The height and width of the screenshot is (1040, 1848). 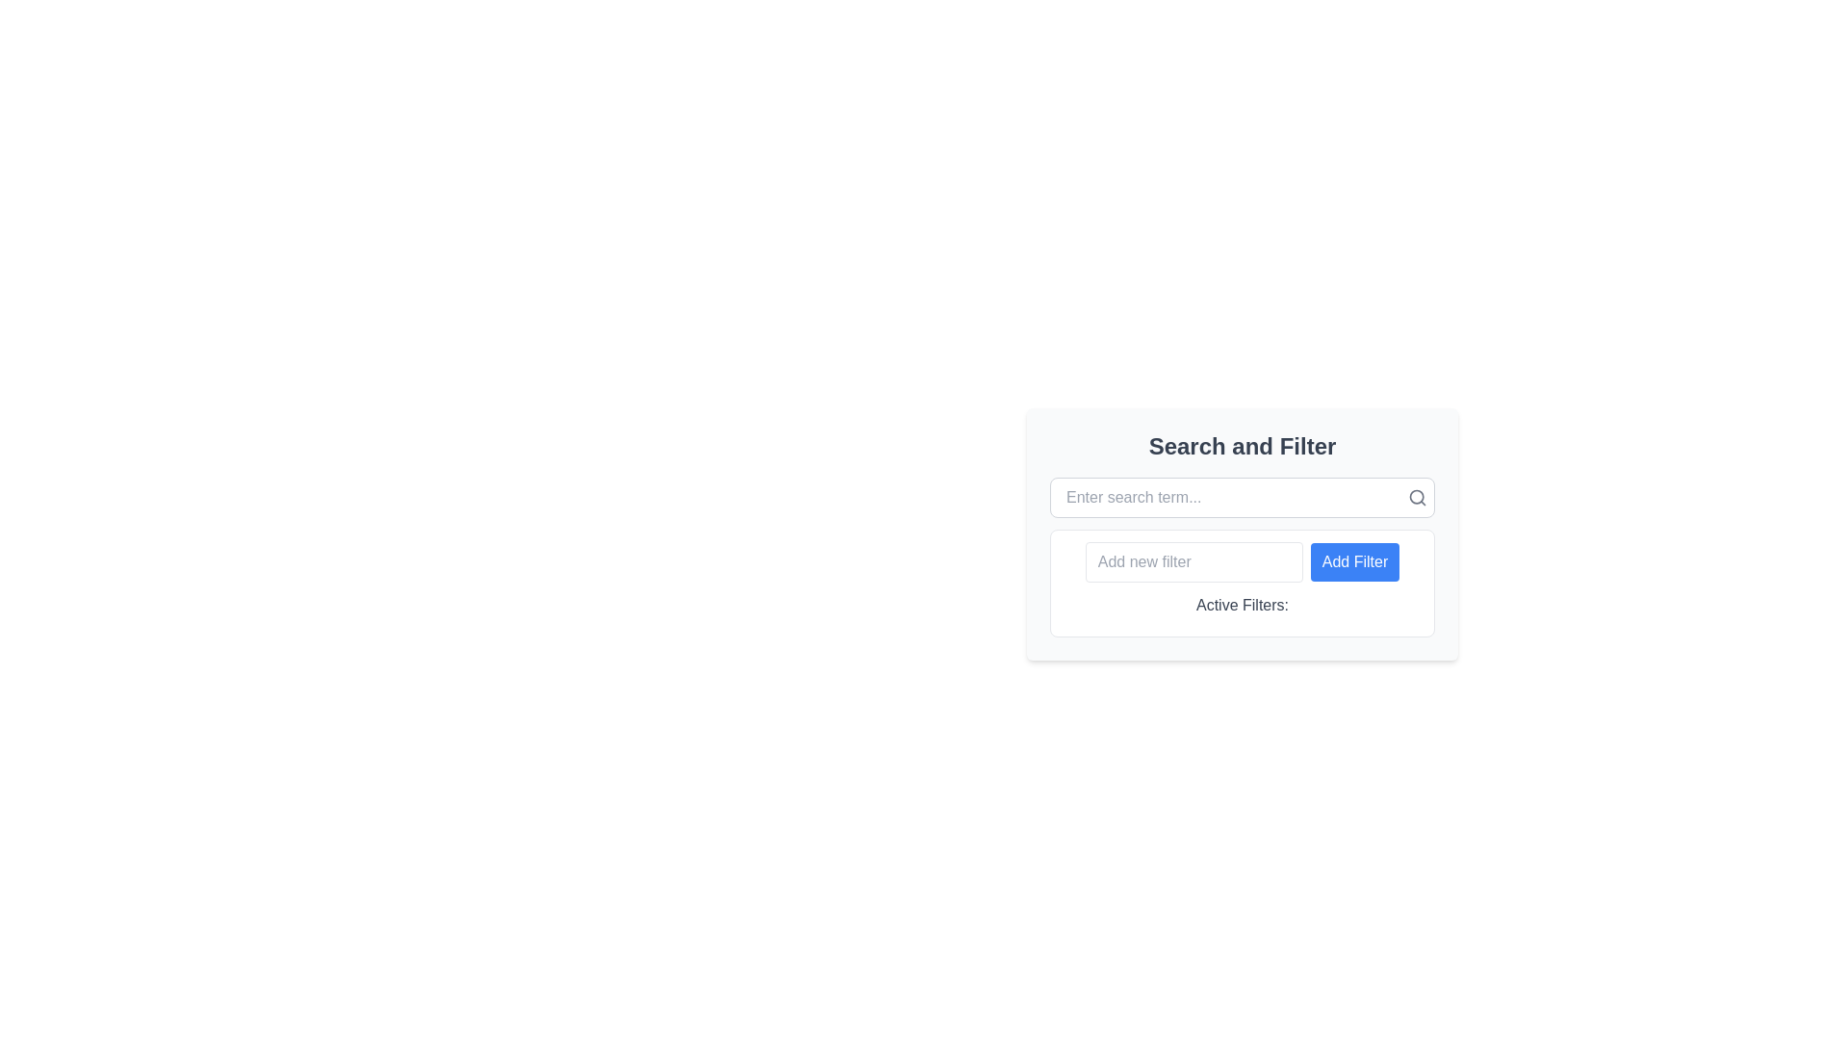 I want to click on the text label that displays 'Active Filters:' which is located below the 'Add Filter' button and is styled in medium font weight with a gray color, so click(x=1243, y=604).